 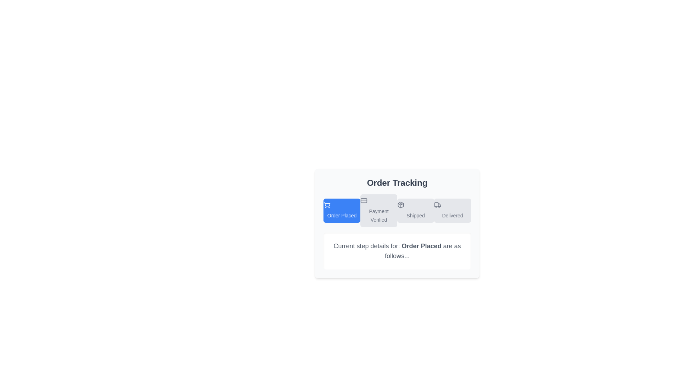 What do you see at coordinates (452, 210) in the screenshot?
I see `the 'Delivered' visual indicator in the progress tracker, which is the fourth step with a delivery truck icon and the text 'Delivered' below it` at bounding box center [452, 210].